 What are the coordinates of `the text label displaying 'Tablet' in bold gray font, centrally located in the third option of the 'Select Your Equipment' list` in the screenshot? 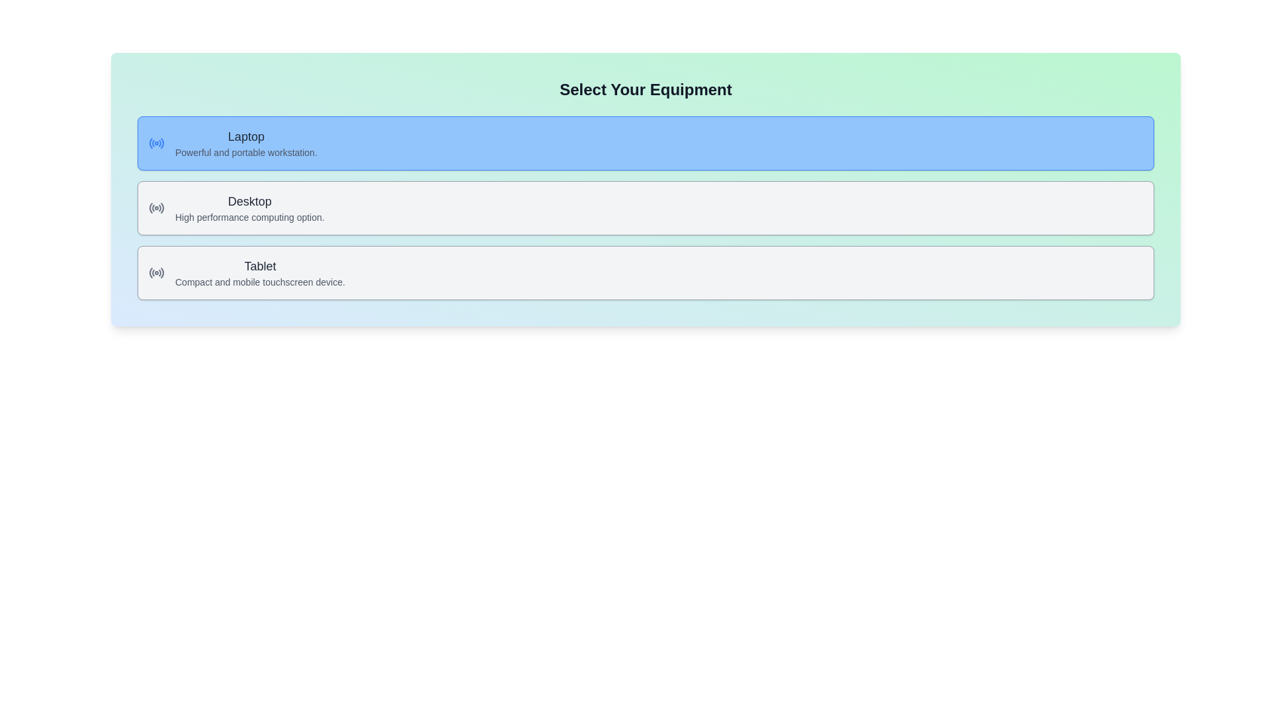 It's located at (260, 266).